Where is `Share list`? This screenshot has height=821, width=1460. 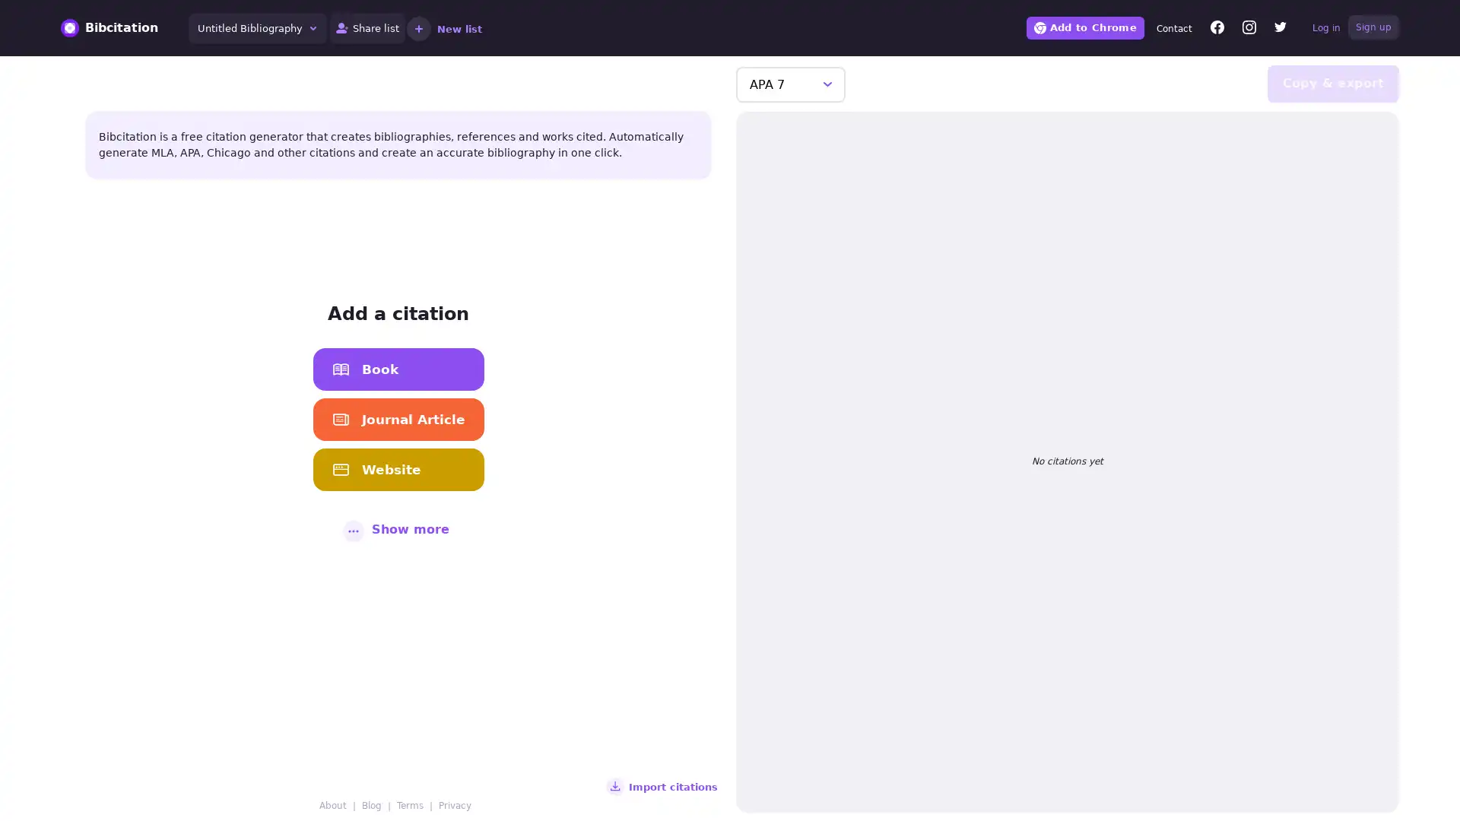
Share list is located at coordinates (367, 28).